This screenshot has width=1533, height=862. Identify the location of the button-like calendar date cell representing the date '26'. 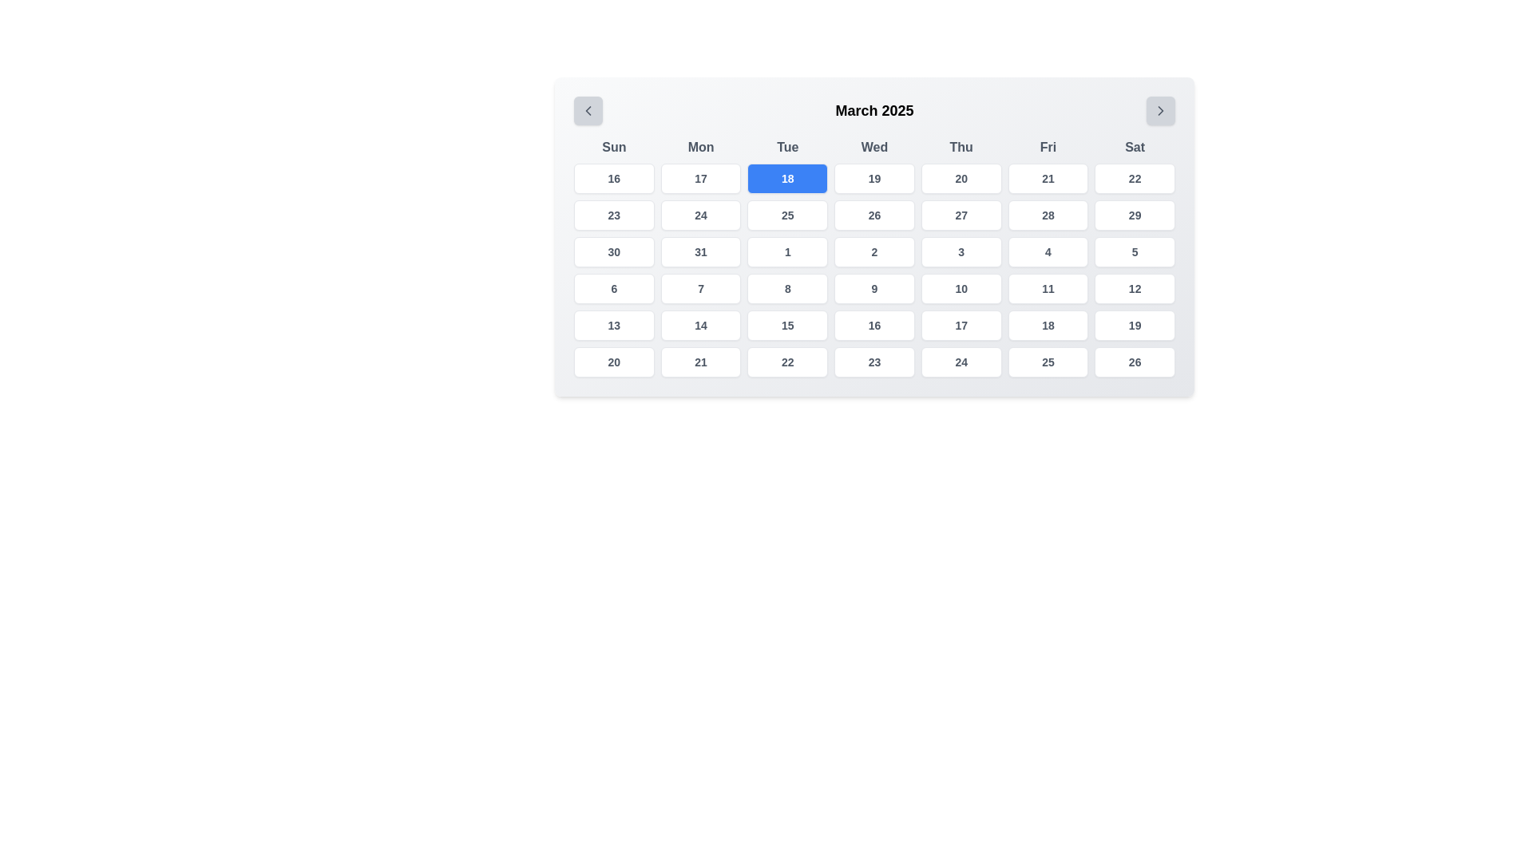
(1134, 362).